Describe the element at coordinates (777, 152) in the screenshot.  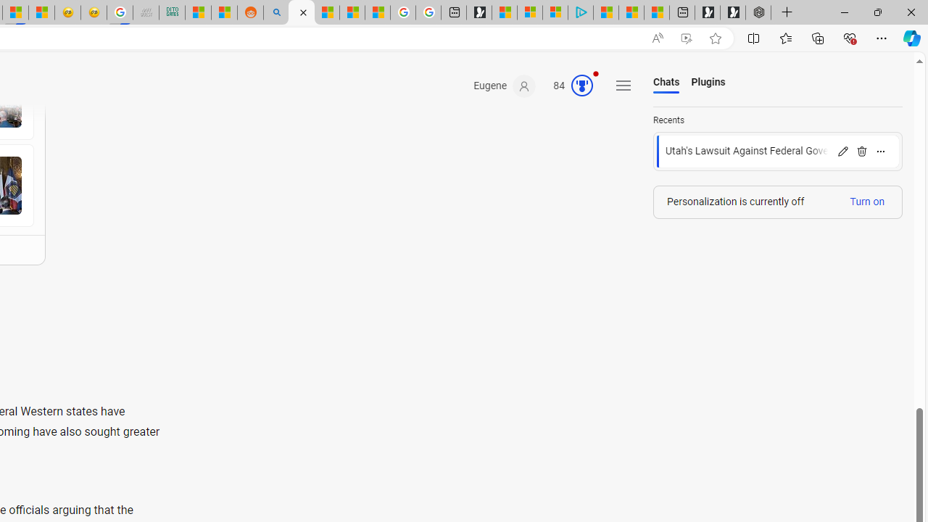
I see `'Load chat'` at that location.